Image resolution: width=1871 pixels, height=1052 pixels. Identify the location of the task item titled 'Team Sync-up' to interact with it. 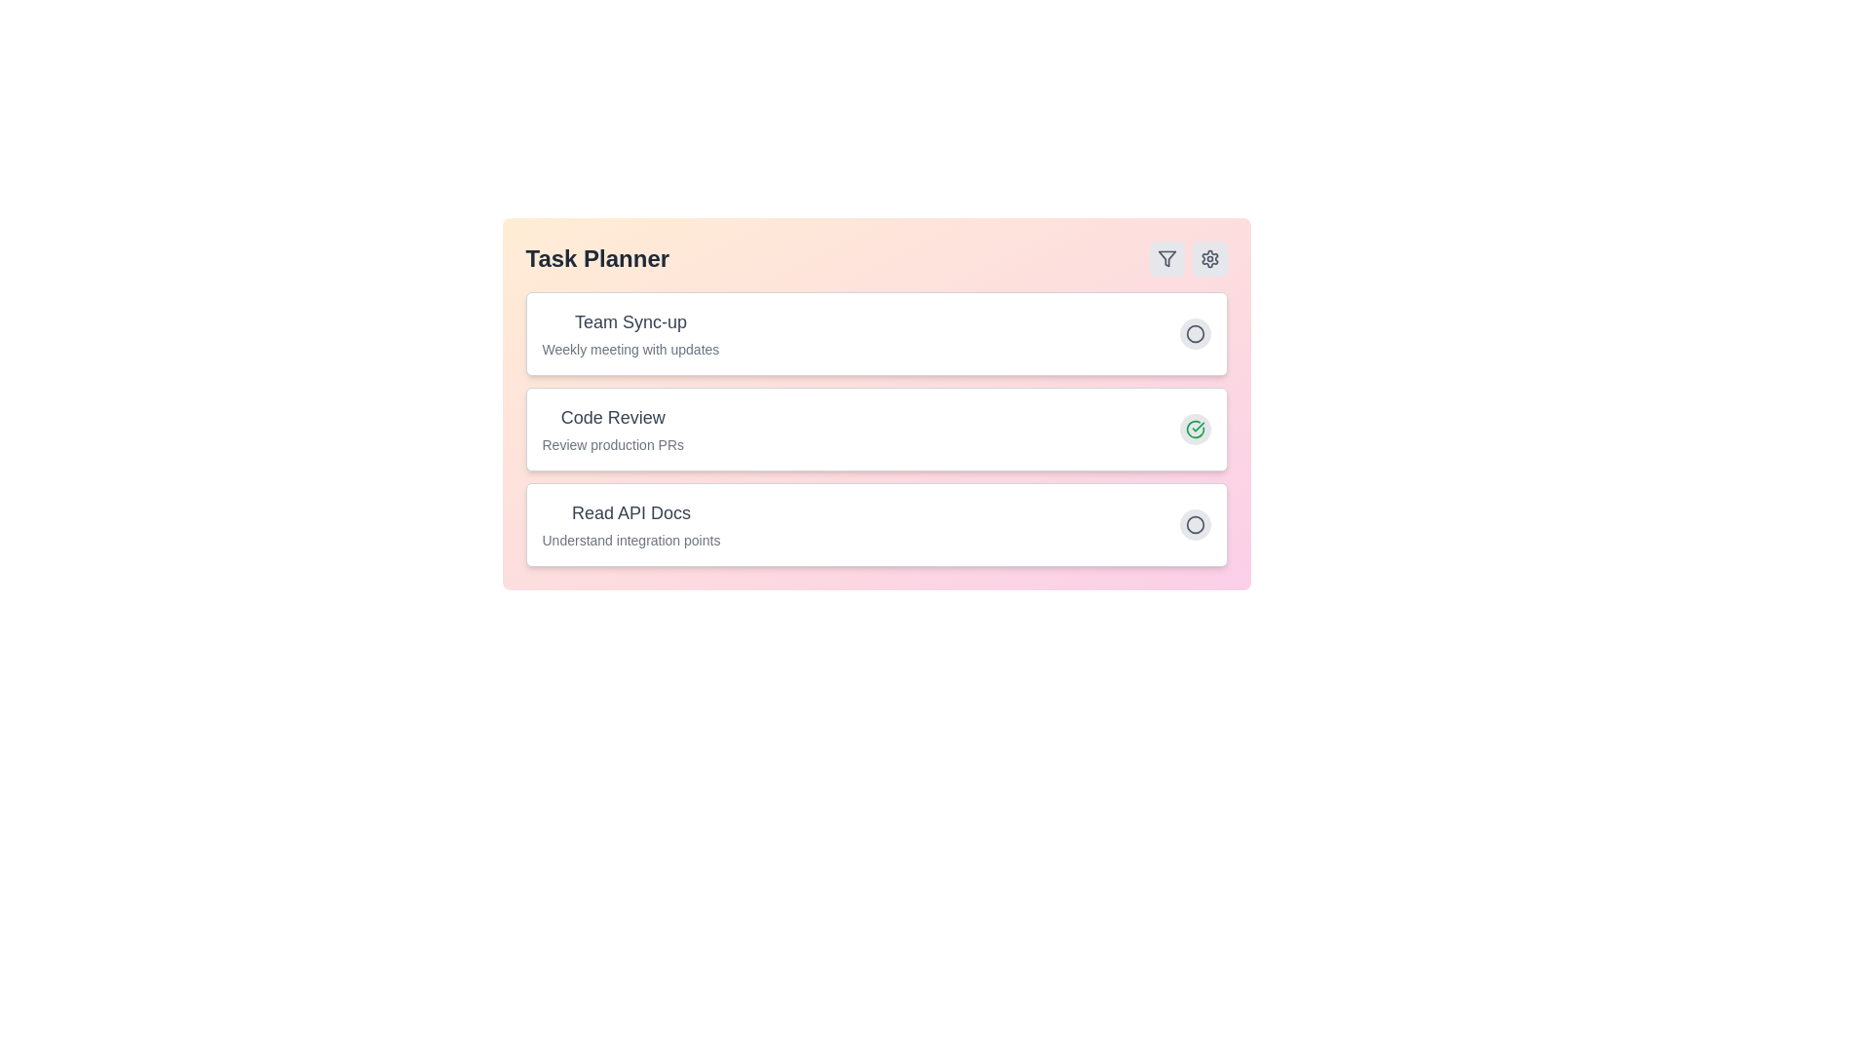
(630, 321).